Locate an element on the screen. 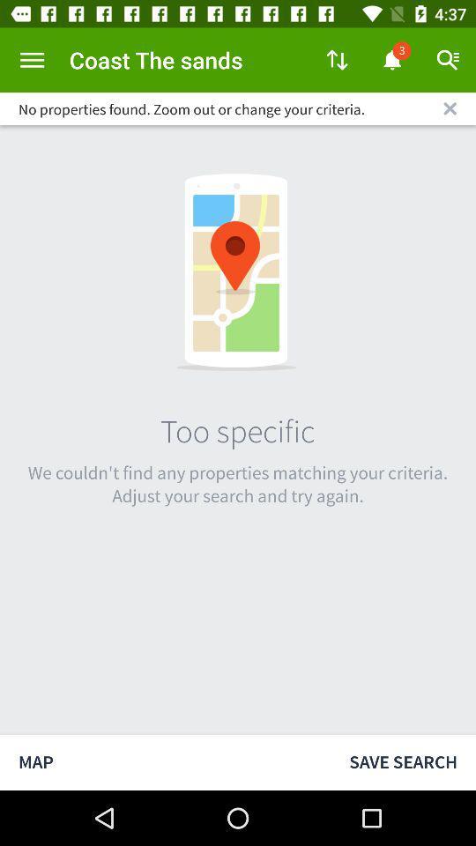  icon at the bottom right corner is located at coordinates (403, 761).